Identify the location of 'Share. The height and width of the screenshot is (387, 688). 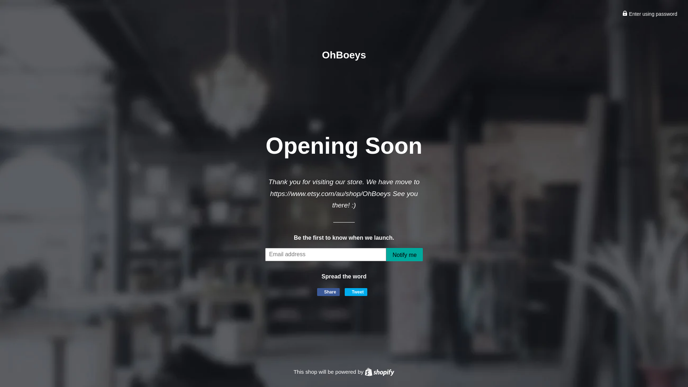
(328, 292).